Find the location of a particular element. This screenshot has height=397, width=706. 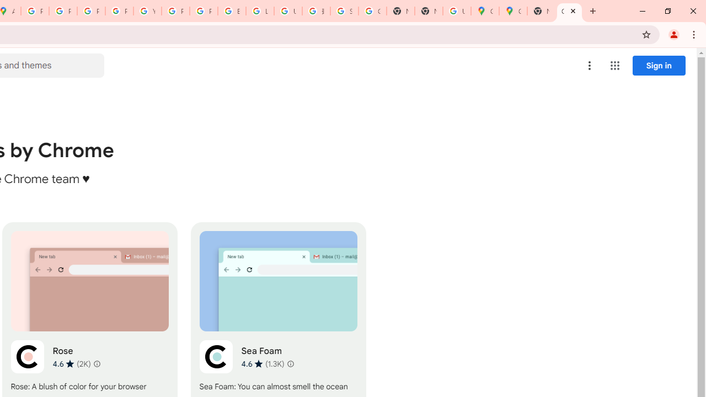

'Learn more about results and reviews "Rose"' is located at coordinates (97, 363).